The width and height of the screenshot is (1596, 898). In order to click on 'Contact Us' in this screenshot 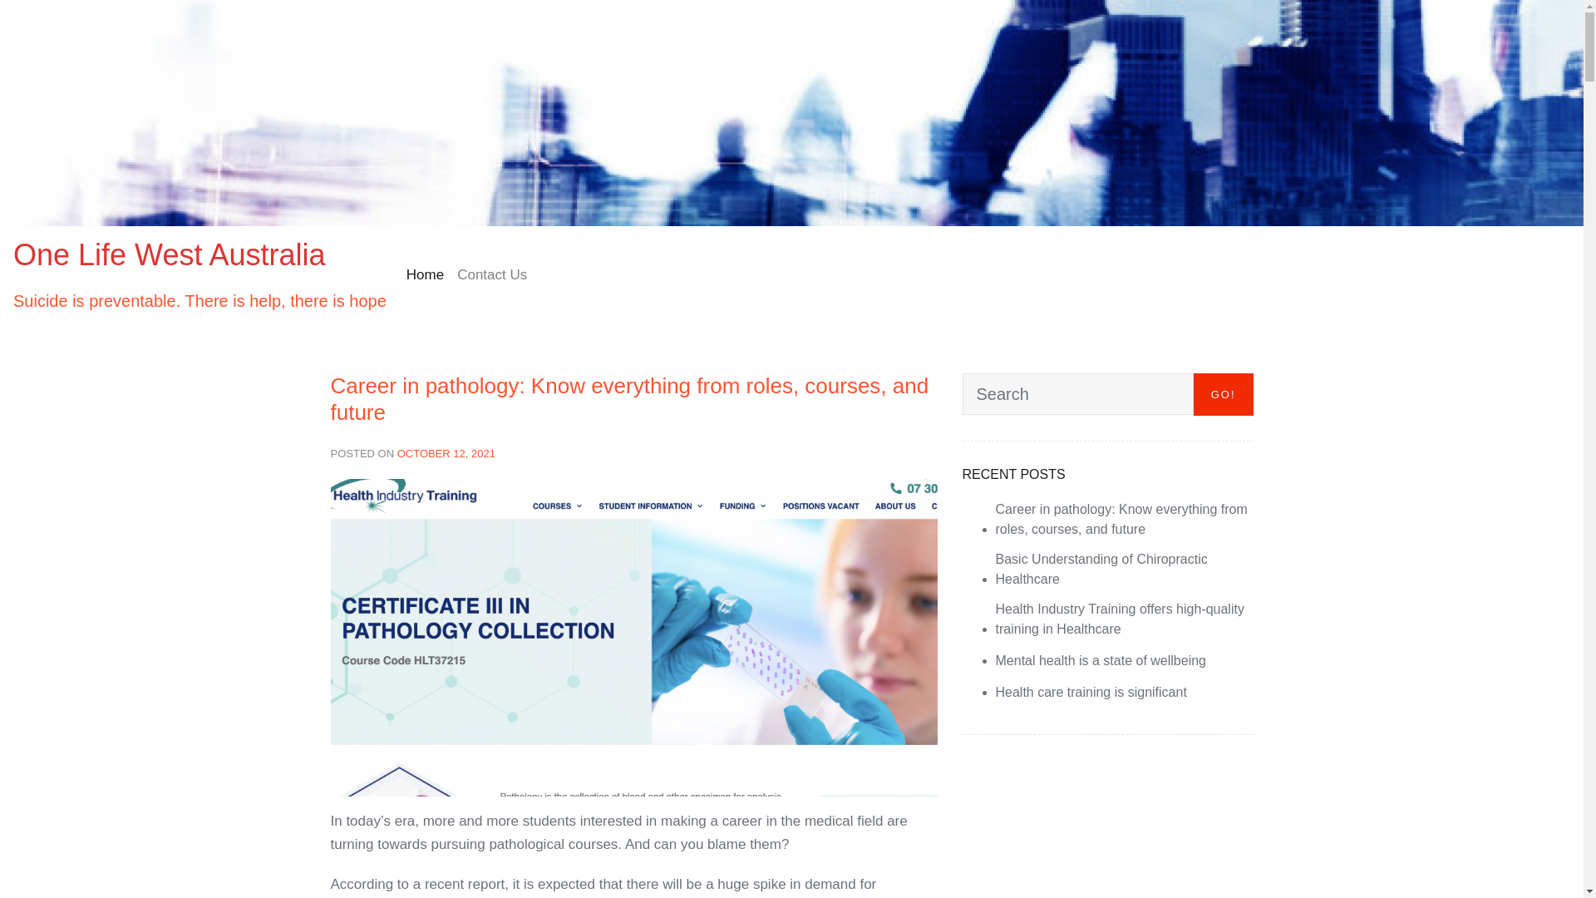, I will do `click(490, 274)`.